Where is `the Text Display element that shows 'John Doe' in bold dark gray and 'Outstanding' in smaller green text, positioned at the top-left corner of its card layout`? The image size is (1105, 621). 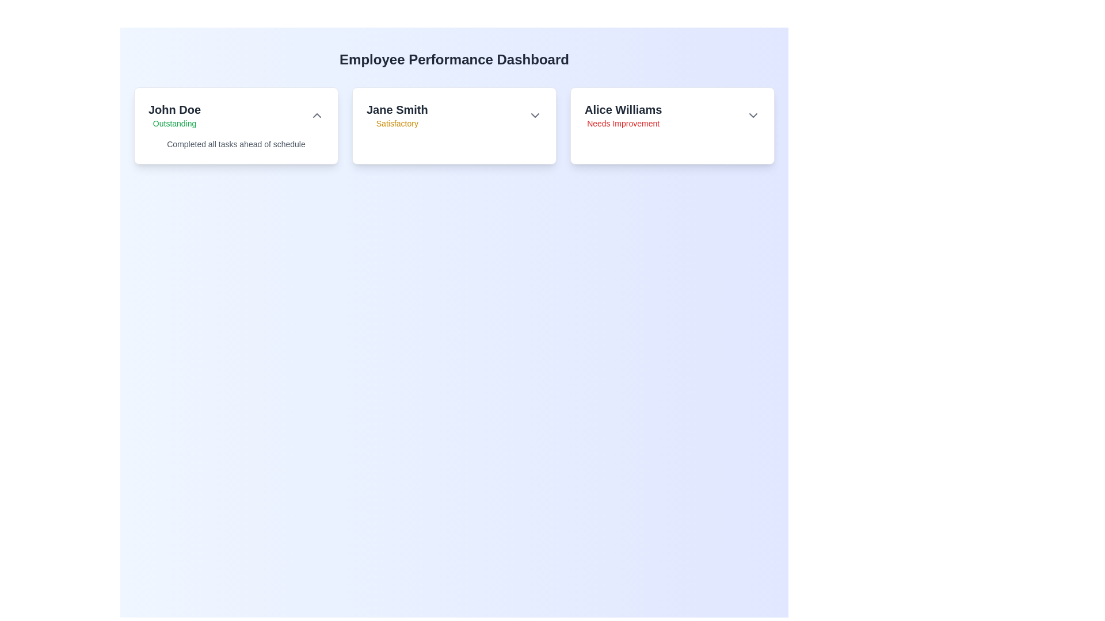
the Text Display element that shows 'John Doe' in bold dark gray and 'Outstanding' in smaller green text, positioned at the top-left corner of its card layout is located at coordinates (174, 115).